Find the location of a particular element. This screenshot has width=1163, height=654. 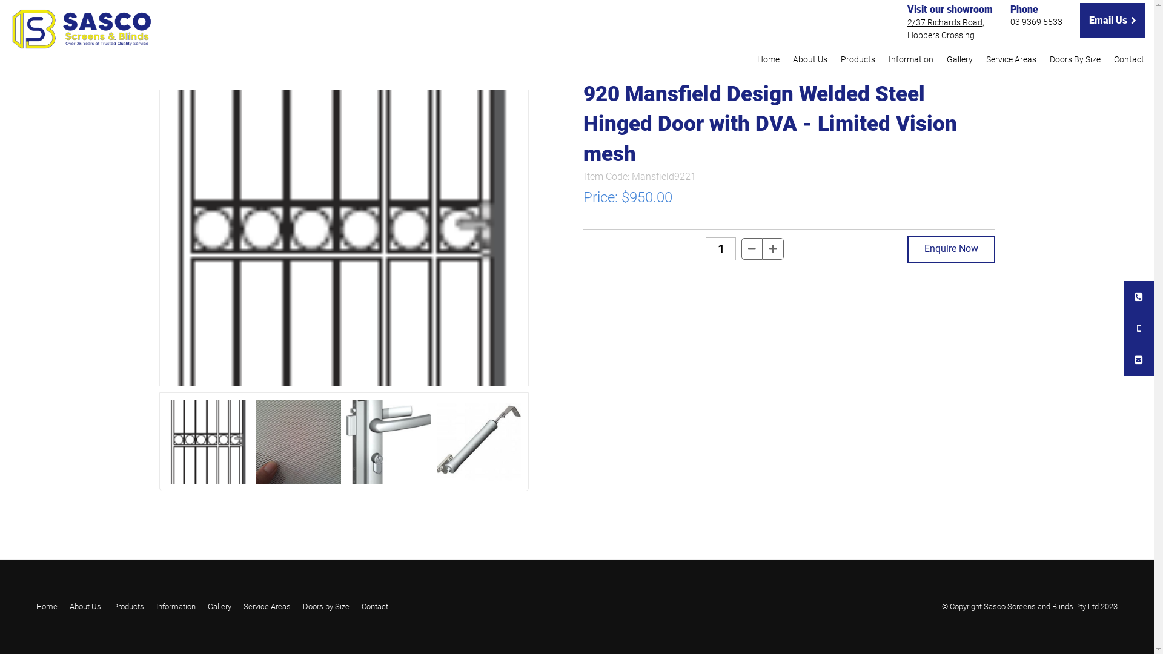

'Gallery' is located at coordinates (219, 607).